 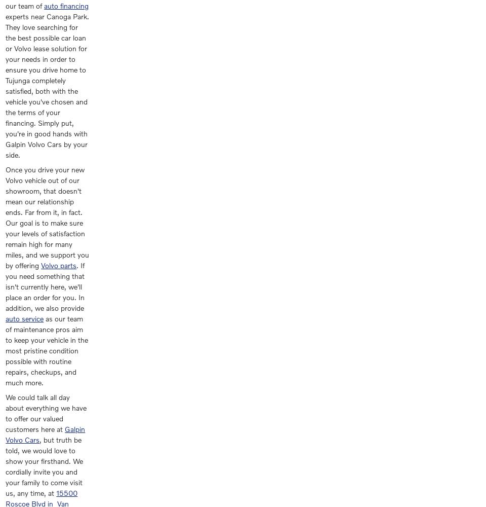 What do you see at coordinates (44, 466) in the screenshot?
I see `', but truth be told, we would love to show your firsthand. We cordially invite you and your family to come visit us, any time, at'` at bounding box center [44, 466].